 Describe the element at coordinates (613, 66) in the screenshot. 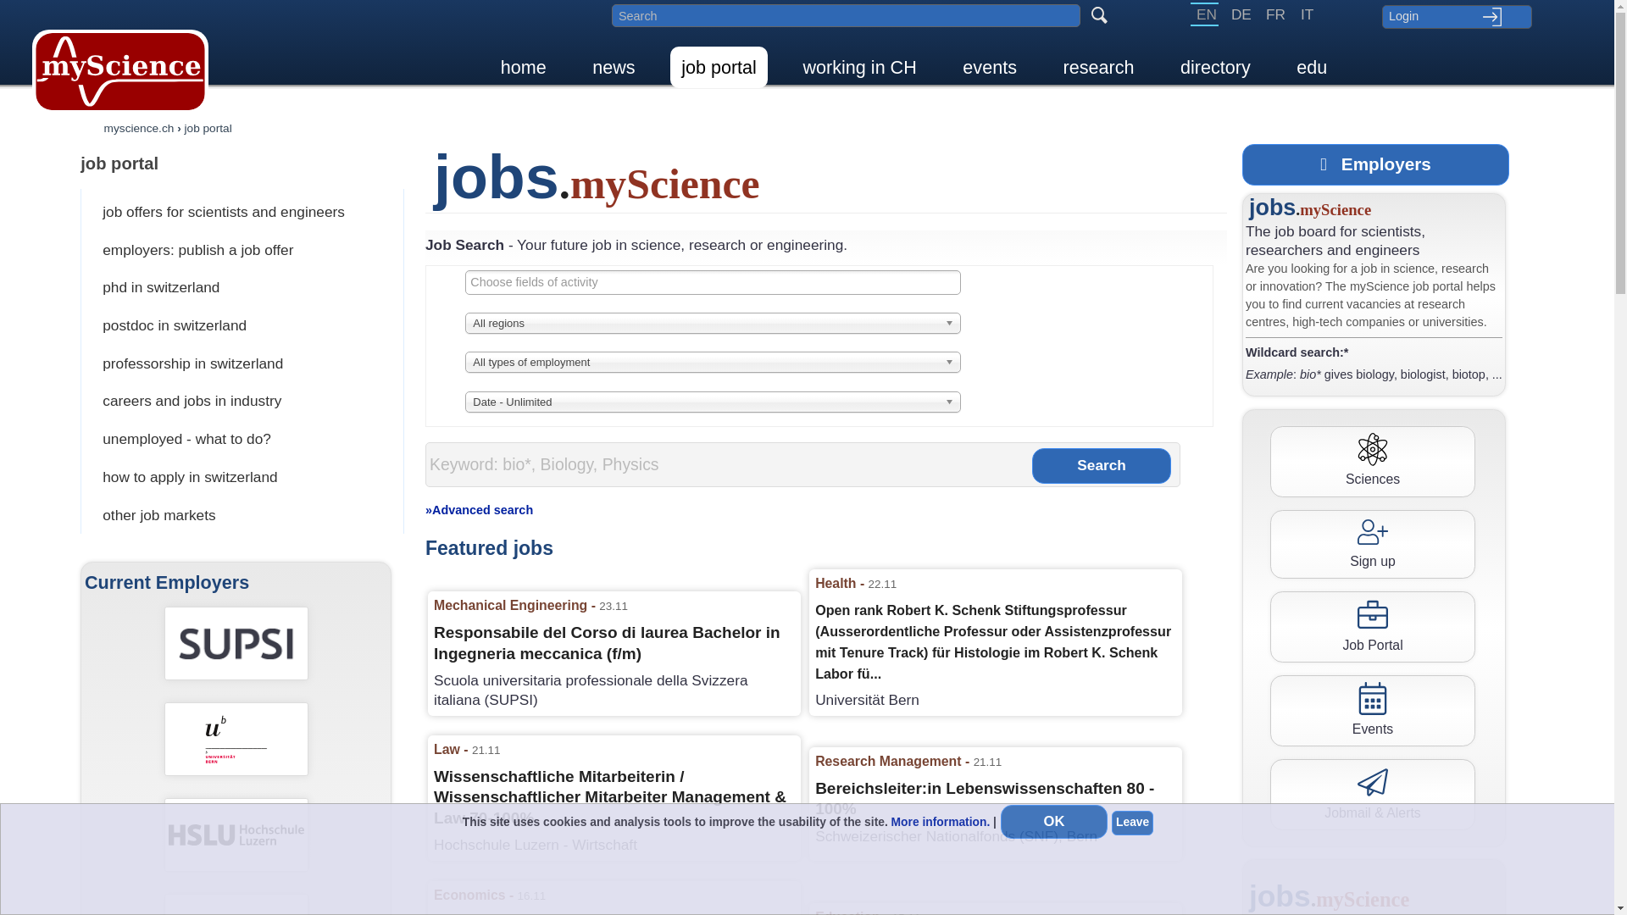

I see `'news'` at that location.